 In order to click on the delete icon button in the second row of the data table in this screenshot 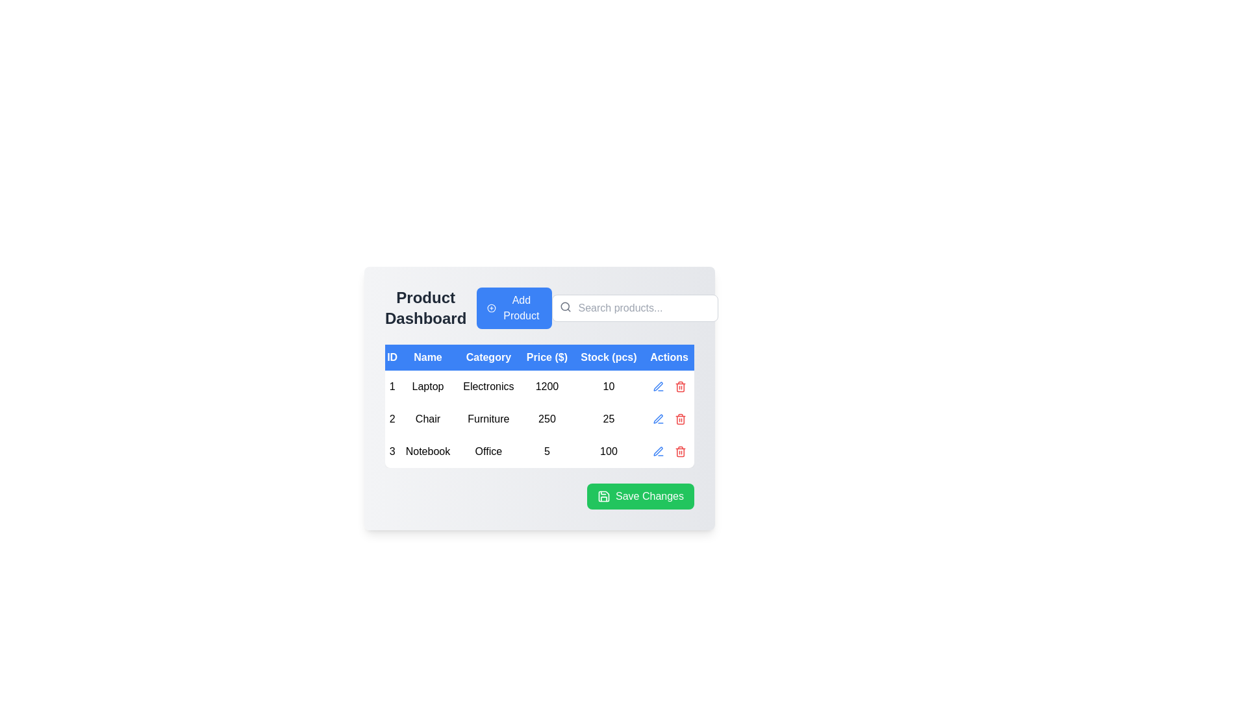, I will do `click(679, 419)`.